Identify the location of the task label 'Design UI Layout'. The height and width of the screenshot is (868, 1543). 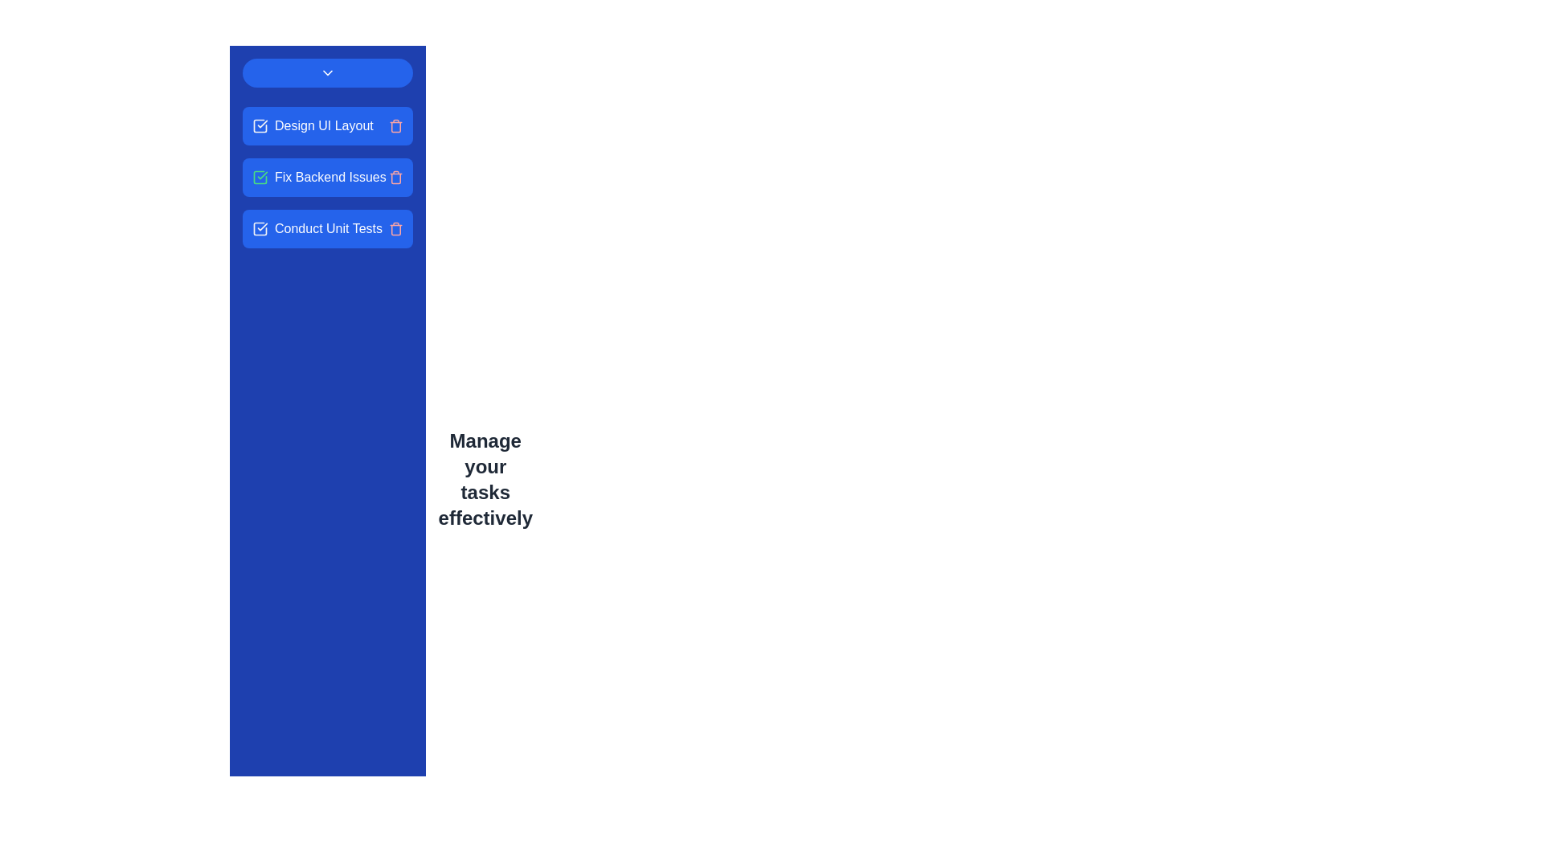
(313, 125).